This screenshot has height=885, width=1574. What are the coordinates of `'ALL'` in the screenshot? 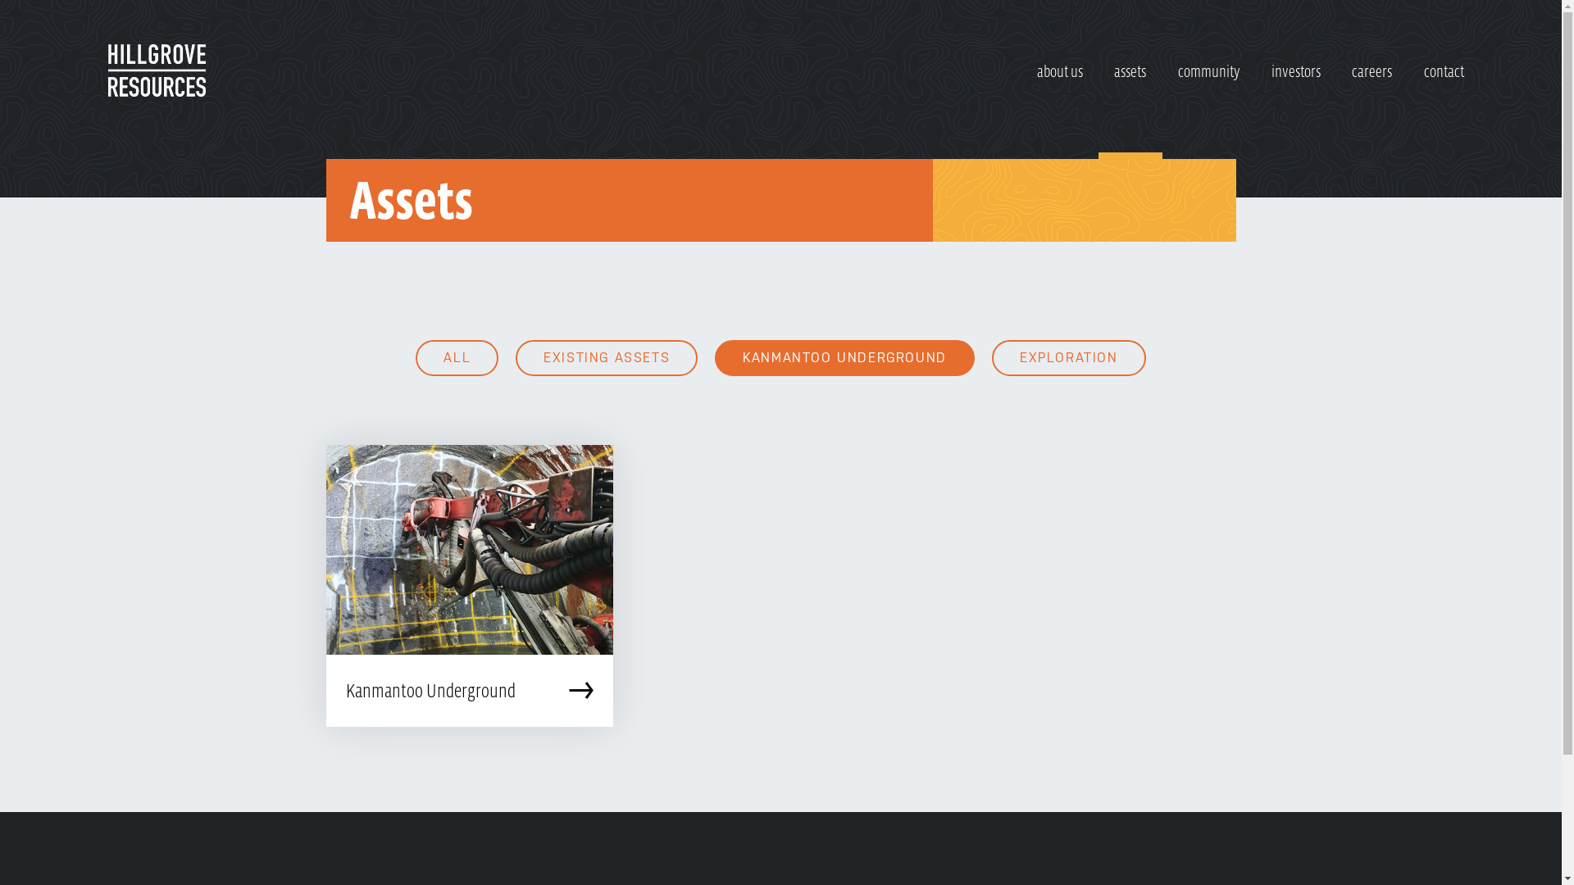 It's located at (416, 356).